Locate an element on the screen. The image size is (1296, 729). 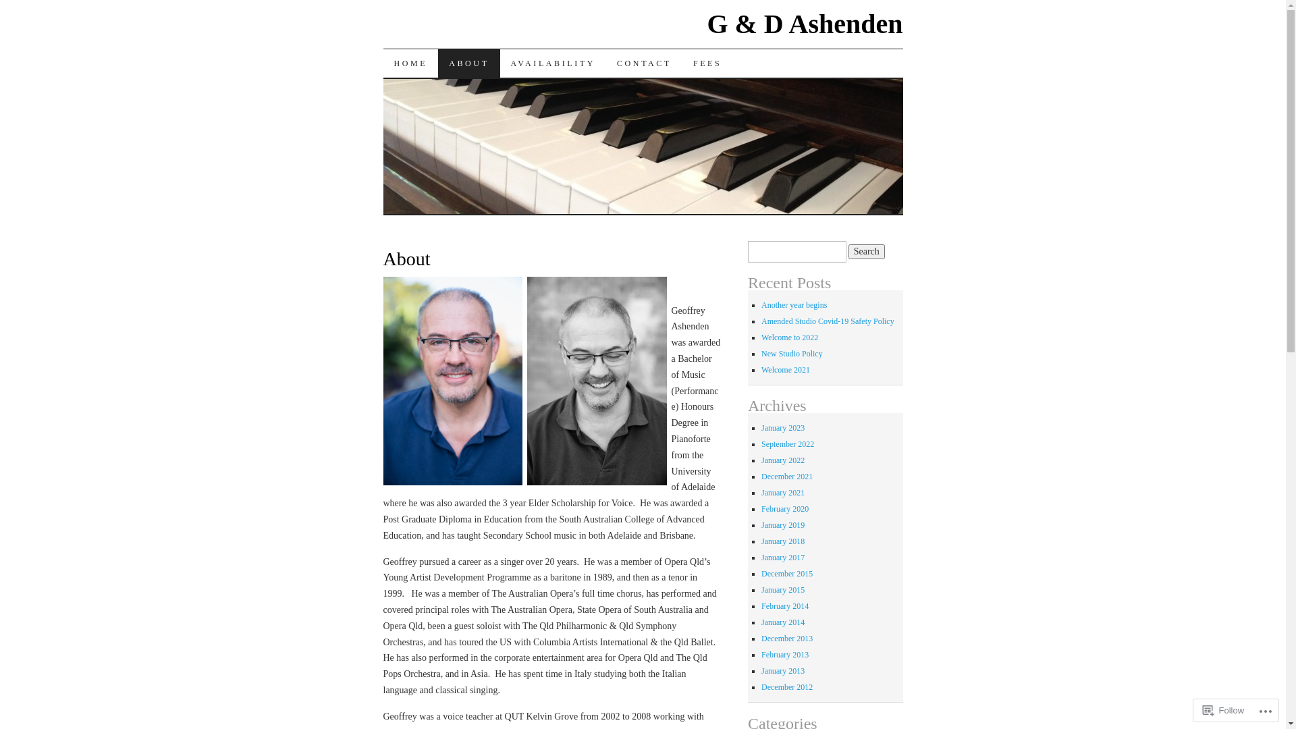
'New Studio Policy' is located at coordinates (792, 353).